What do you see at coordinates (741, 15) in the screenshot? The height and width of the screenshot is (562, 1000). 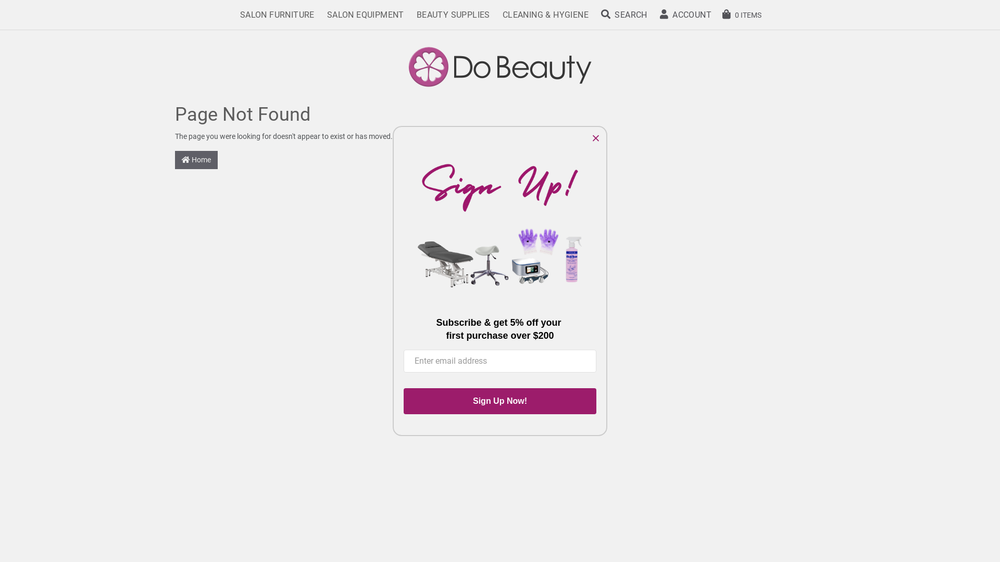 I see `'0 ITEMS'` at bounding box center [741, 15].